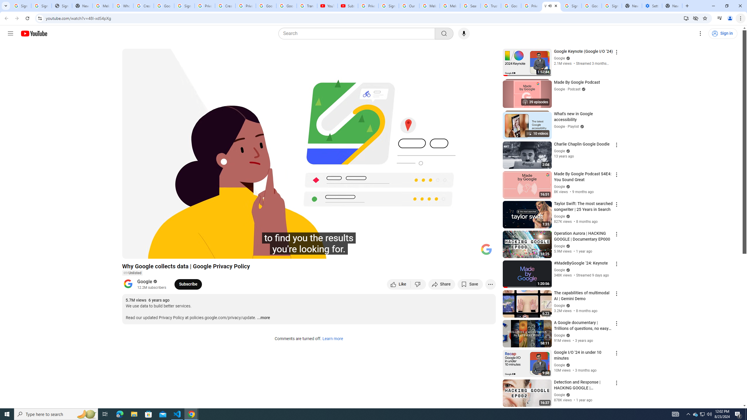 Image resolution: width=747 pixels, height=420 pixels. What do you see at coordinates (327, 6) in the screenshot?
I see `'YouTube'` at bounding box center [327, 6].